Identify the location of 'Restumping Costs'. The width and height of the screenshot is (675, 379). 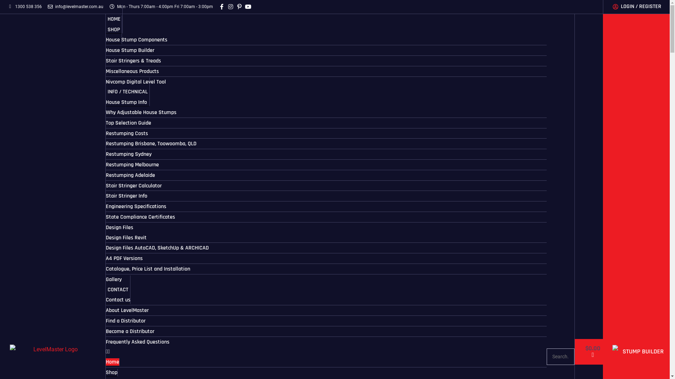
(127, 133).